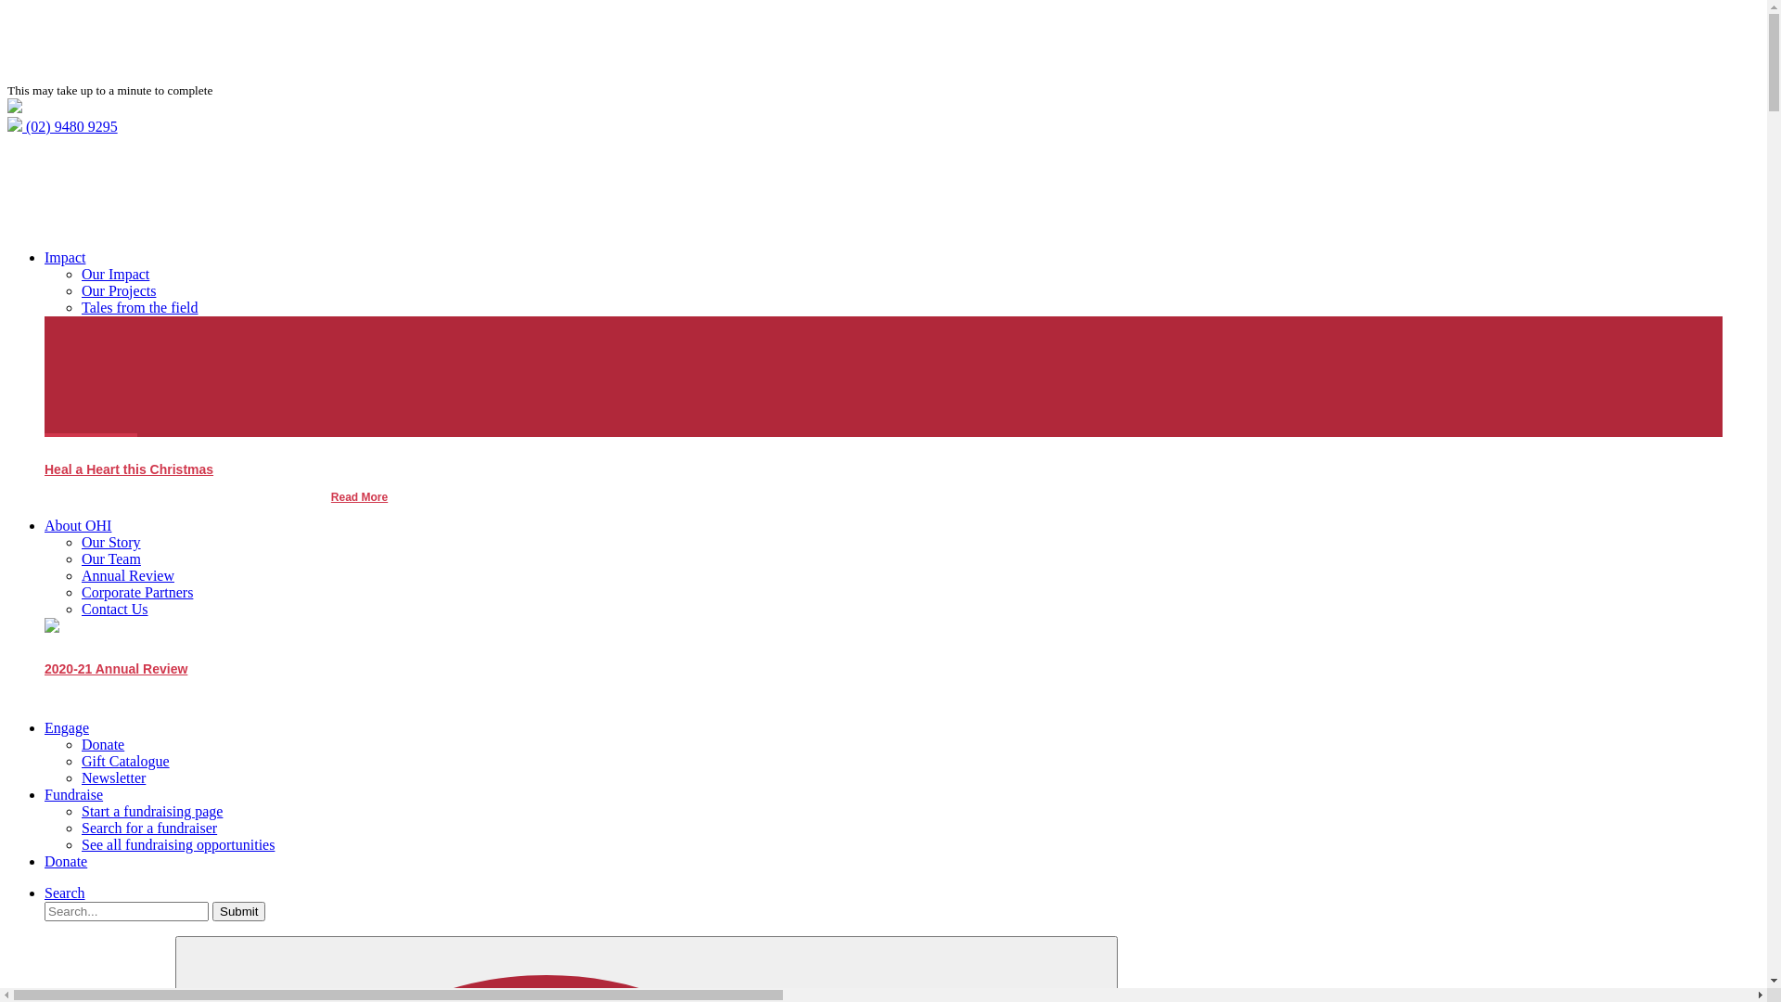  What do you see at coordinates (45, 892) in the screenshot?
I see `'Search'` at bounding box center [45, 892].